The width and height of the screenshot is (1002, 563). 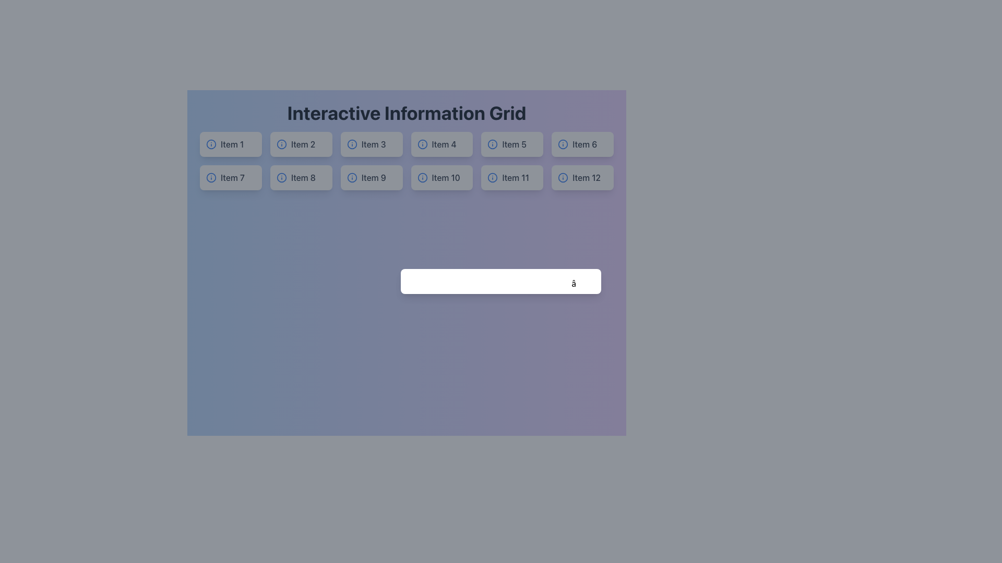 I want to click on displayed text of the label with icon that shows 'Item 2', which is positioned in the first row, second column of a grid layout, so click(x=301, y=144).